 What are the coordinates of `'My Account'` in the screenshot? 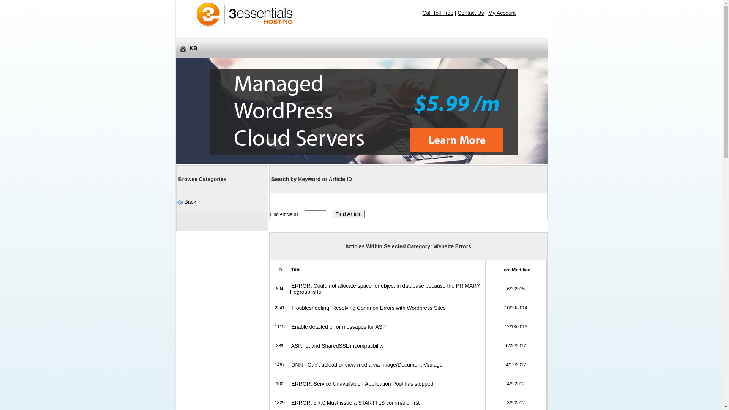 It's located at (502, 13).